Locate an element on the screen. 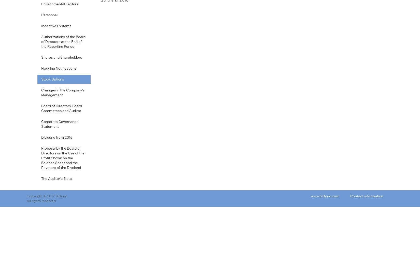  'Personnel' is located at coordinates (41, 15).